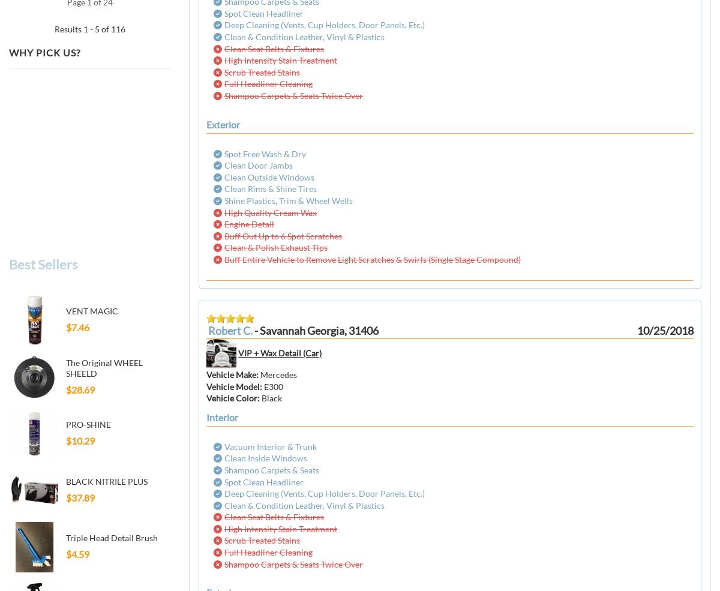  What do you see at coordinates (206, 123) in the screenshot?
I see `'exterior'` at bounding box center [206, 123].